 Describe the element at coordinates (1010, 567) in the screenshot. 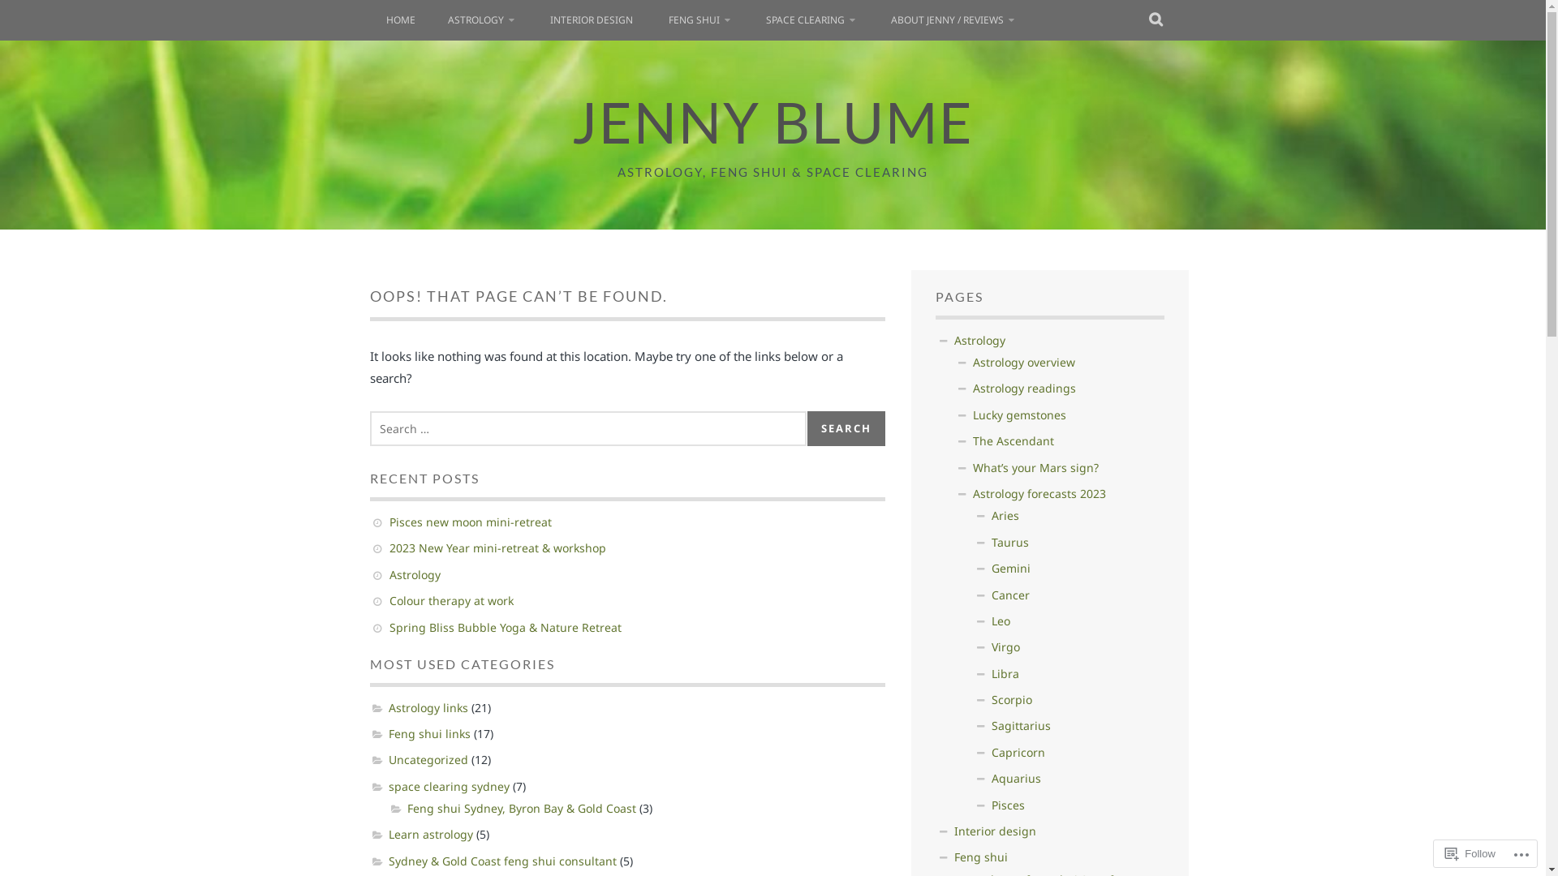

I see `'Gemini'` at that location.